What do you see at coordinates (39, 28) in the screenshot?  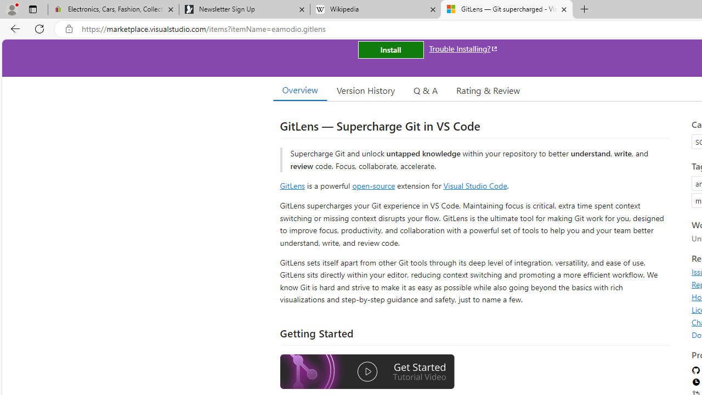 I see `'Refresh'` at bounding box center [39, 28].